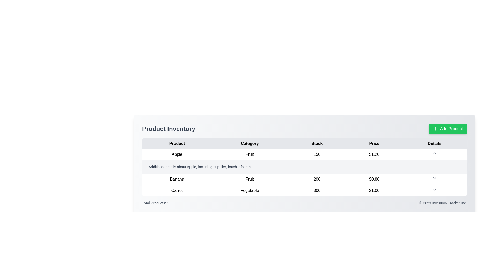 The image size is (497, 279). I want to click on the text label indicating the quantity of 'Banana' in stock, located in the 'Stock' column of the fifth row of the table, so click(317, 179).